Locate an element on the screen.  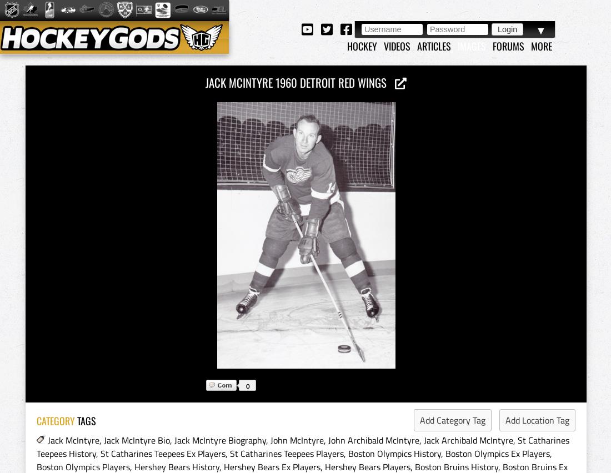
'Jack McIntyre Bio' is located at coordinates (137, 440).